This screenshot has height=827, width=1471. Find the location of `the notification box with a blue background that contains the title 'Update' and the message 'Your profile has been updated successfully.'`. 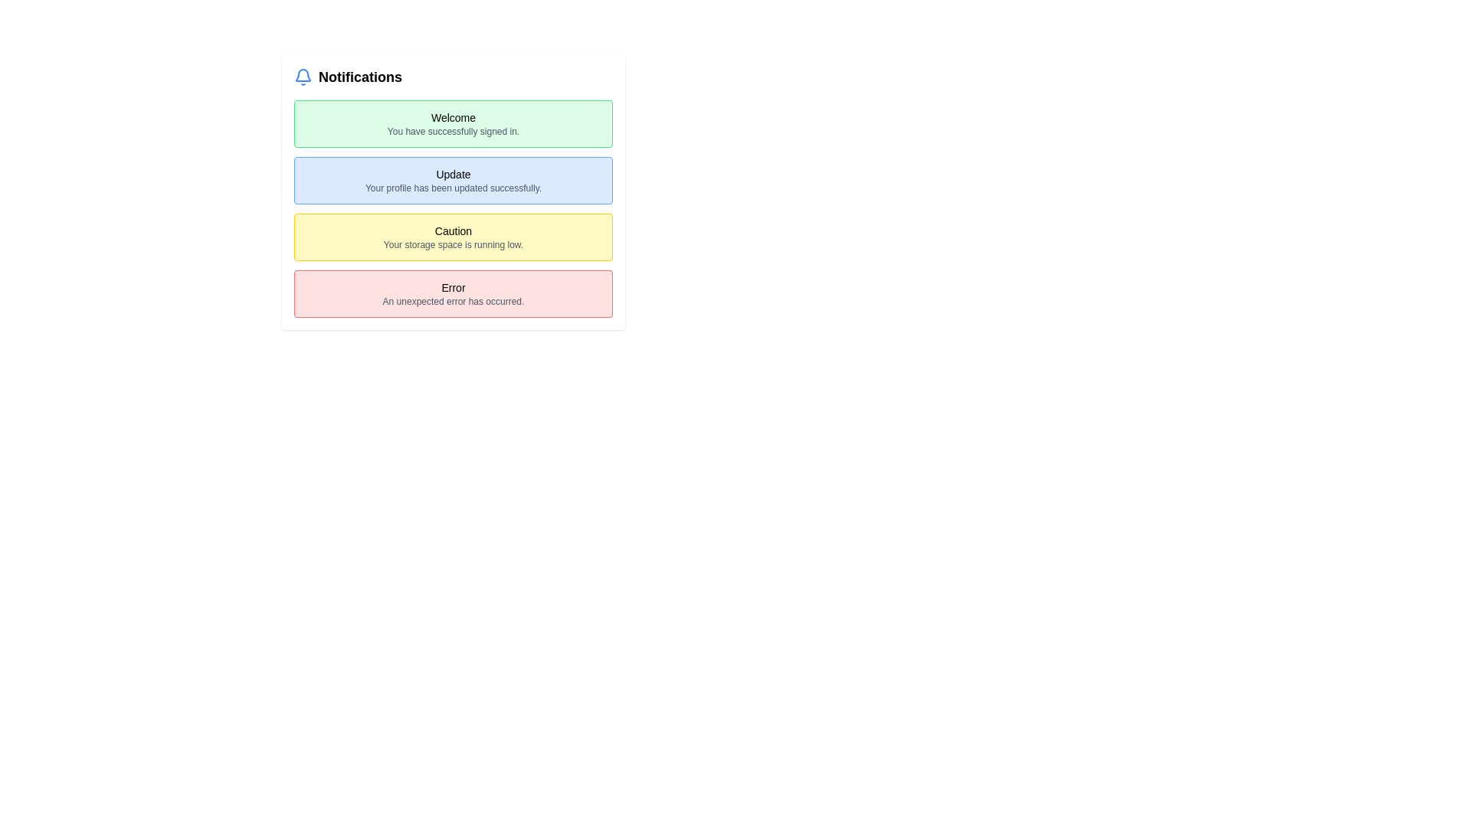

the notification box with a blue background that contains the title 'Update' and the message 'Your profile has been updated successfully.' is located at coordinates (452, 179).